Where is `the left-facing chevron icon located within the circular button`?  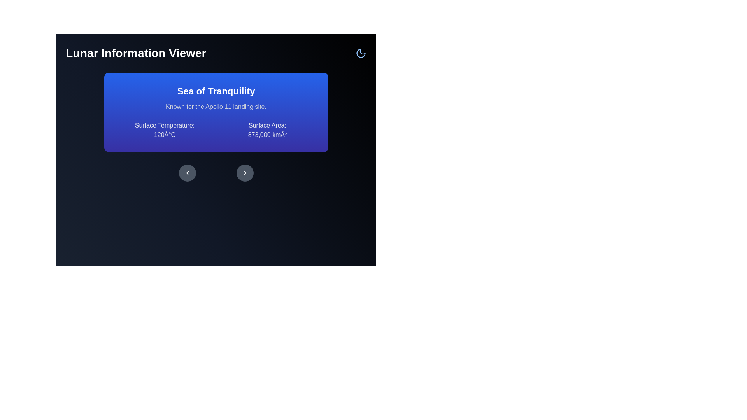 the left-facing chevron icon located within the circular button is located at coordinates (187, 172).